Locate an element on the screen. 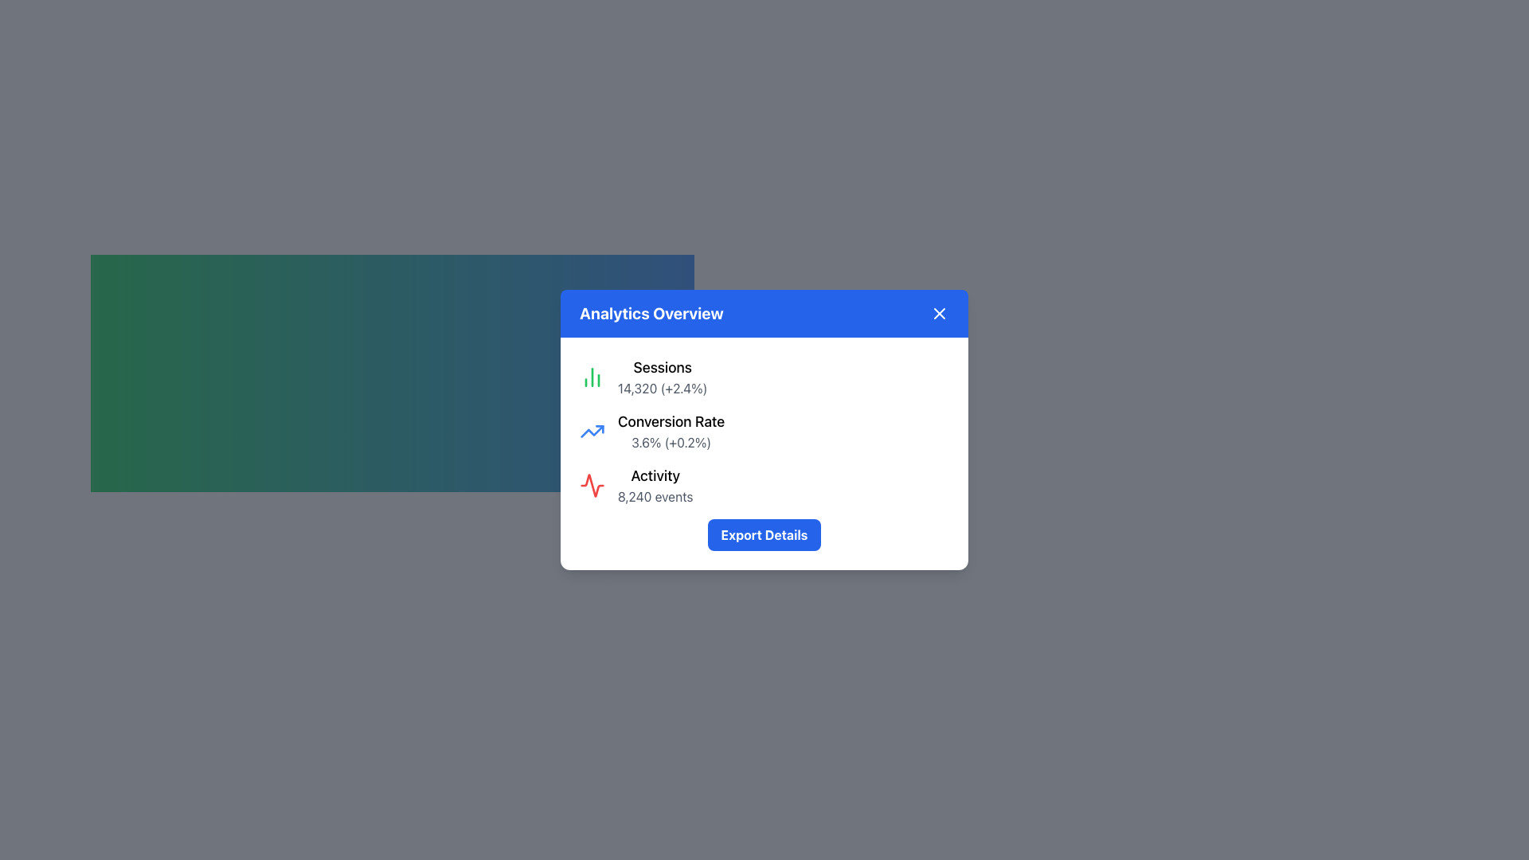  the 'Conversion Rate' Text Information Group, which displays the heading 'Conversion Rate' and the value '3.6% (+0.2%)', positioned in the center of the Analytics Overview panel is located at coordinates (671, 432).